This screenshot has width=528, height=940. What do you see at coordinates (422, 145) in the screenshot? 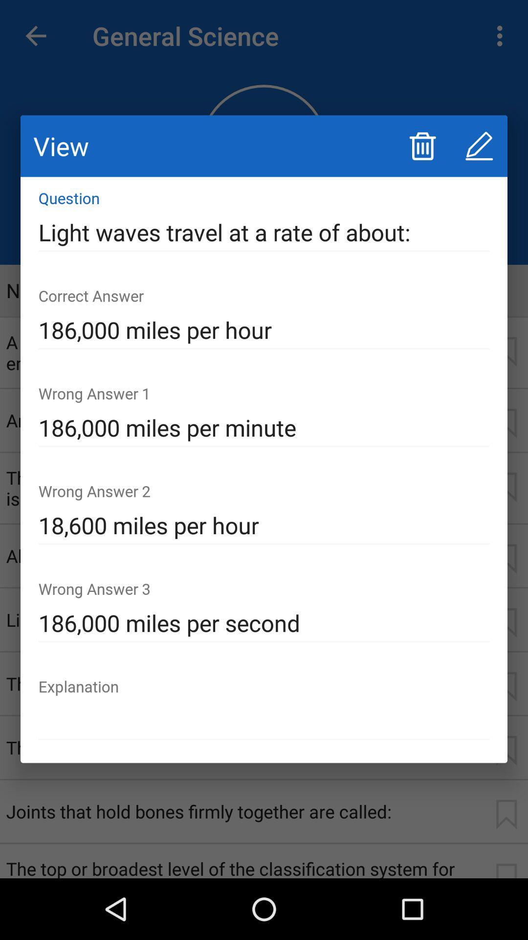
I see `item above the light waves travel icon` at bounding box center [422, 145].